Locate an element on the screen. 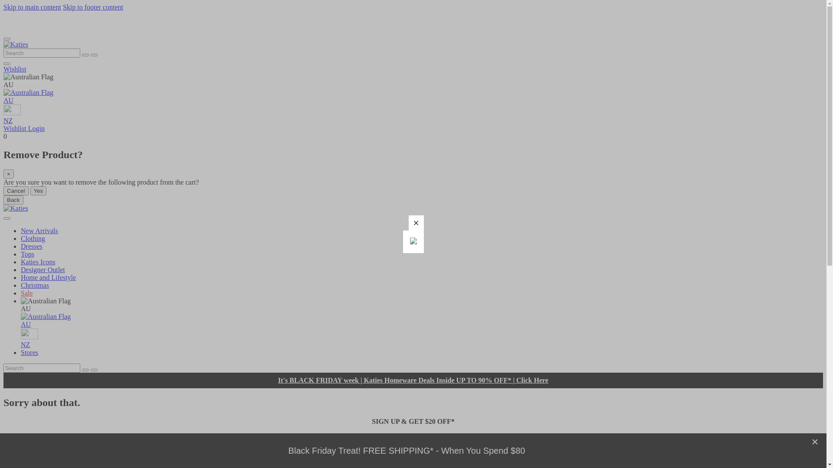  'Clothing' is located at coordinates (21, 238).